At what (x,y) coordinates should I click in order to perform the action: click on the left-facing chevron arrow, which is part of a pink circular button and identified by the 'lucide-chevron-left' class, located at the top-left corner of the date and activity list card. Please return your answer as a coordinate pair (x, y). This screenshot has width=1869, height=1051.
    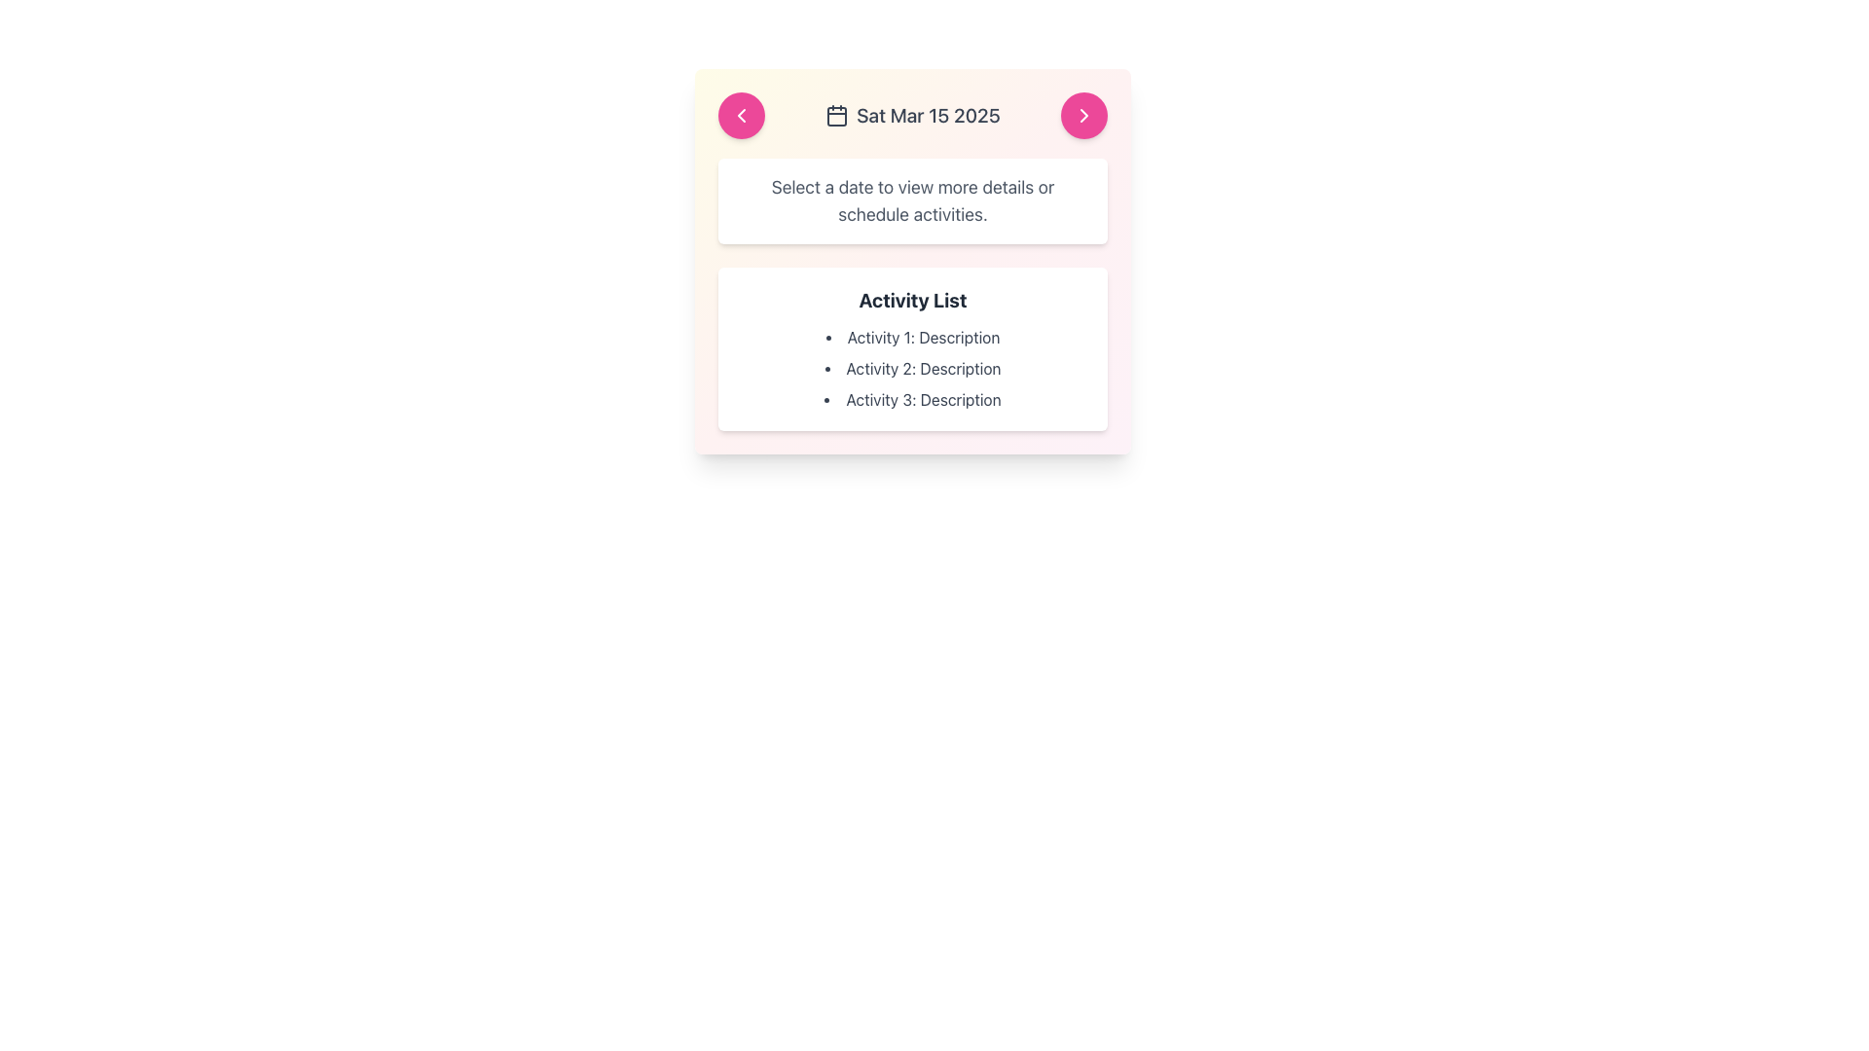
    Looking at the image, I should click on (741, 116).